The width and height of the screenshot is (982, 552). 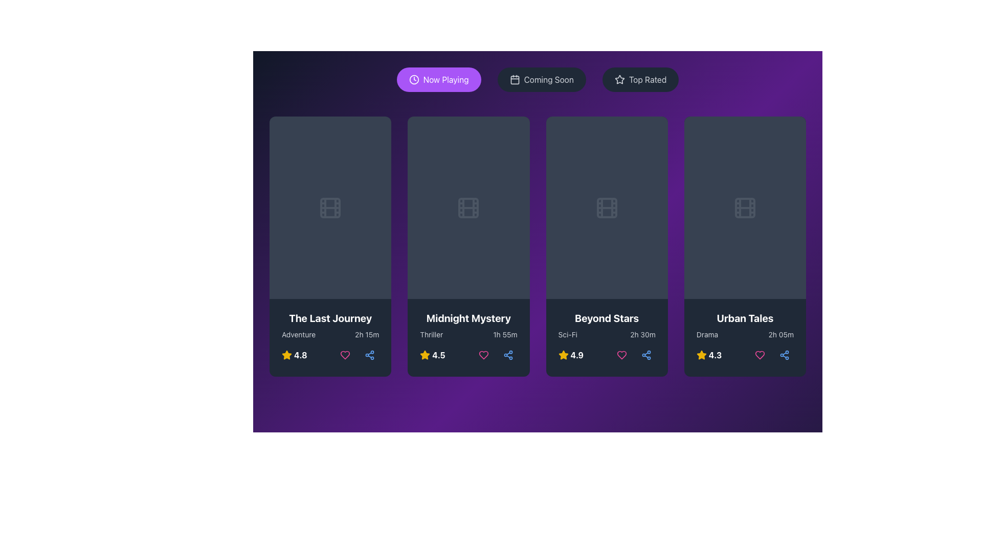 I want to click on the heart-shaped button with a pink outline, which is the second item in the horizontal row of icons below the movie card titled 'Midnight Mystery', so click(x=483, y=355).